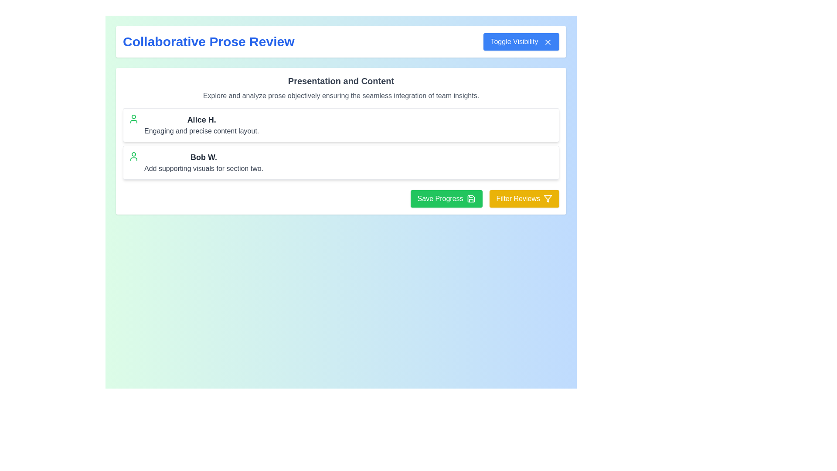 Image resolution: width=837 pixels, height=471 pixels. Describe the element at coordinates (446, 198) in the screenshot. I see `the 'Save Progress' button, which is a green button with white text and a save icon, located in the lower-right section of the main content area` at that location.